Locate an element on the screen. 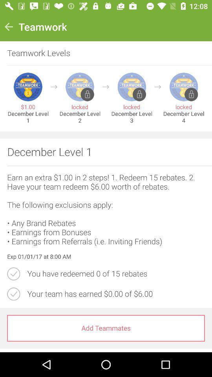 This screenshot has width=212, height=377. teamwork levels is located at coordinates (102, 53).